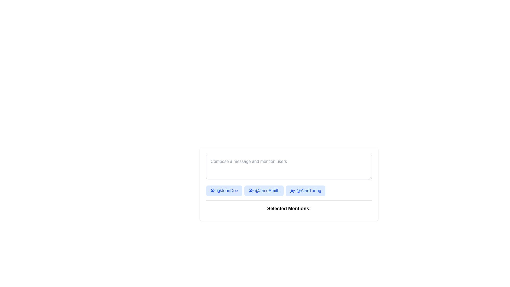  I want to click on the selectable mention tag representing a username, so click(309, 190).